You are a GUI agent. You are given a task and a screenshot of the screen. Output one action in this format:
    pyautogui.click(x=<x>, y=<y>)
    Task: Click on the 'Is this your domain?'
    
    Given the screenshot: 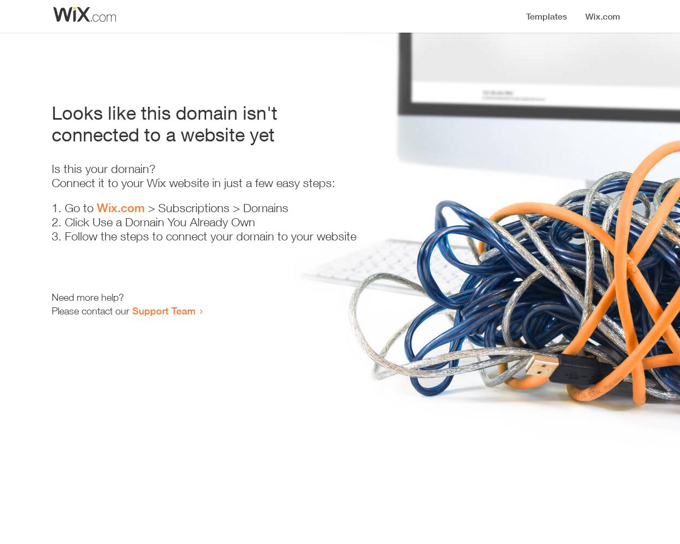 What is the action you would take?
    pyautogui.click(x=103, y=169)
    